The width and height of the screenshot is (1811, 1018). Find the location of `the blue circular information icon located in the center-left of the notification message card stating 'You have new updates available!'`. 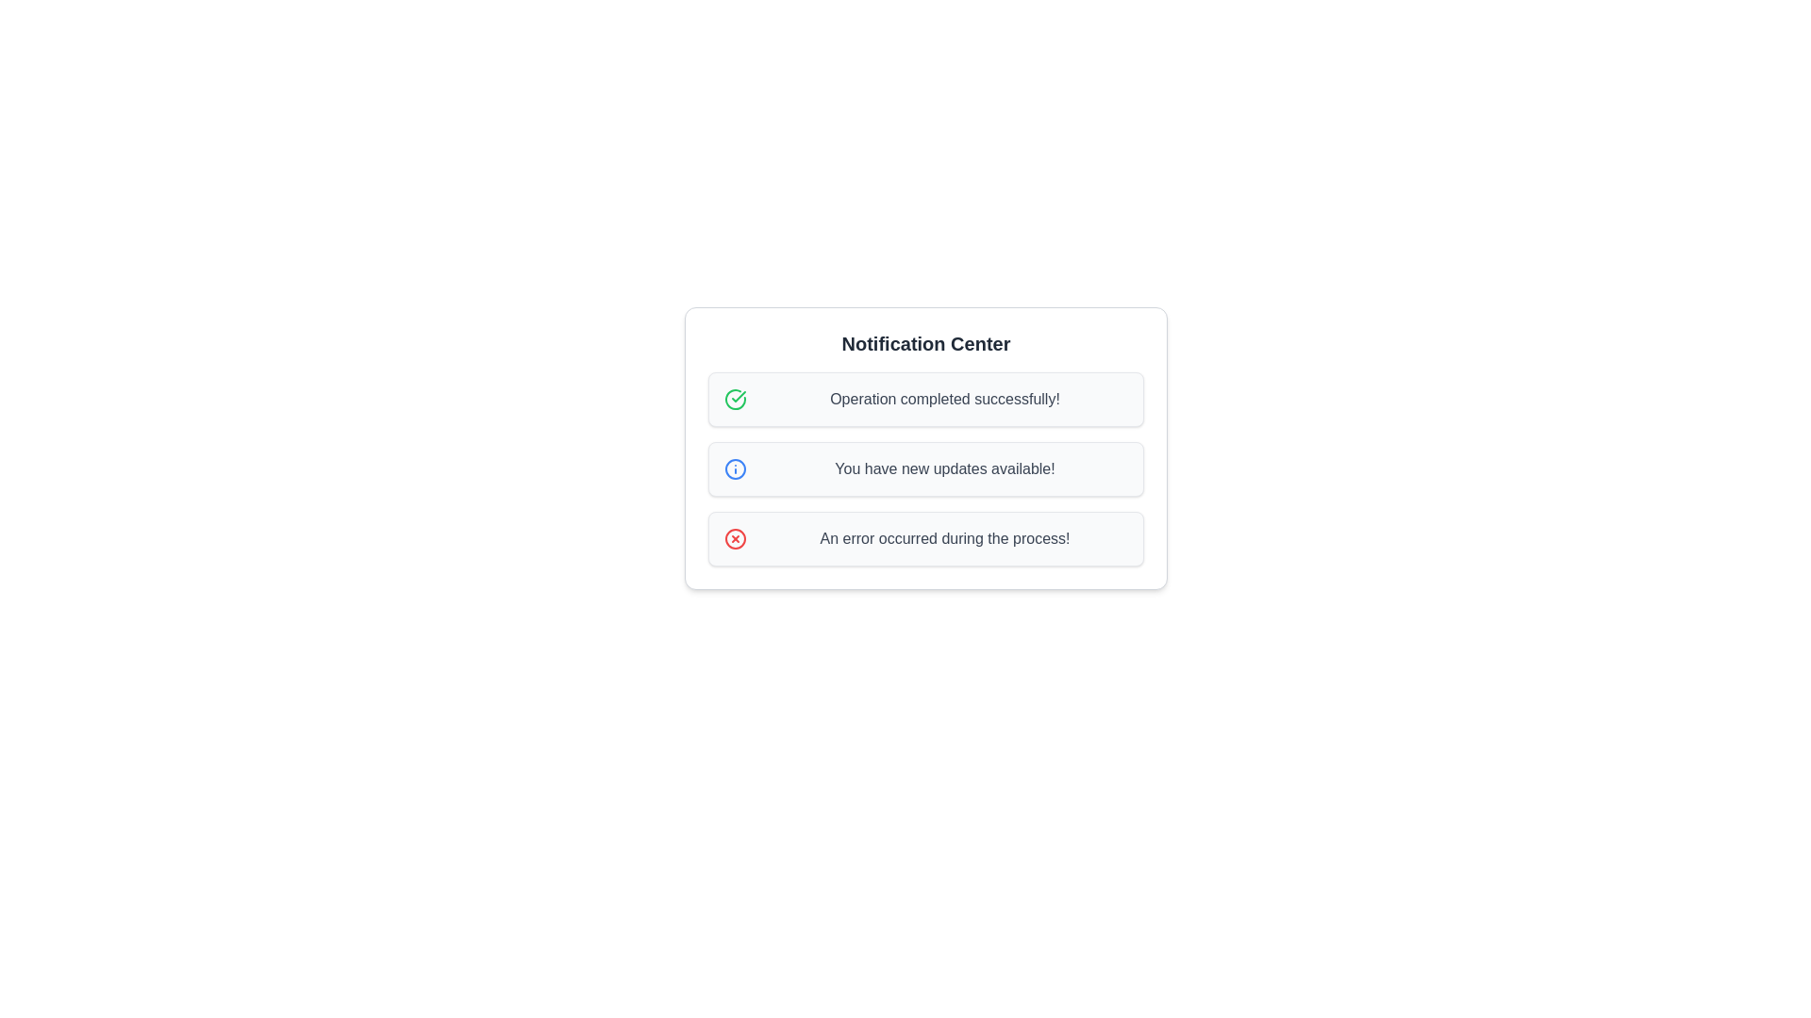

the blue circular information icon located in the center-left of the notification message card stating 'You have new updates available!' is located at coordinates (734, 468).